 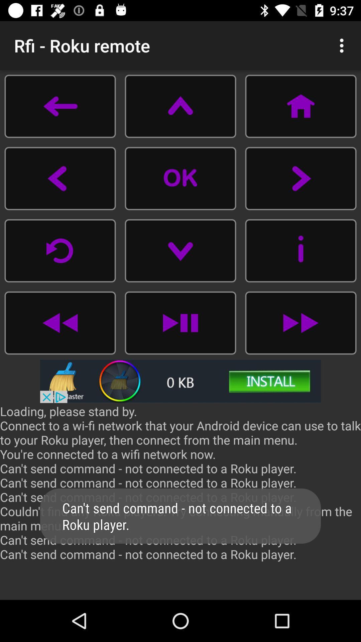 What do you see at coordinates (60, 106) in the screenshot?
I see `back` at bounding box center [60, 106].